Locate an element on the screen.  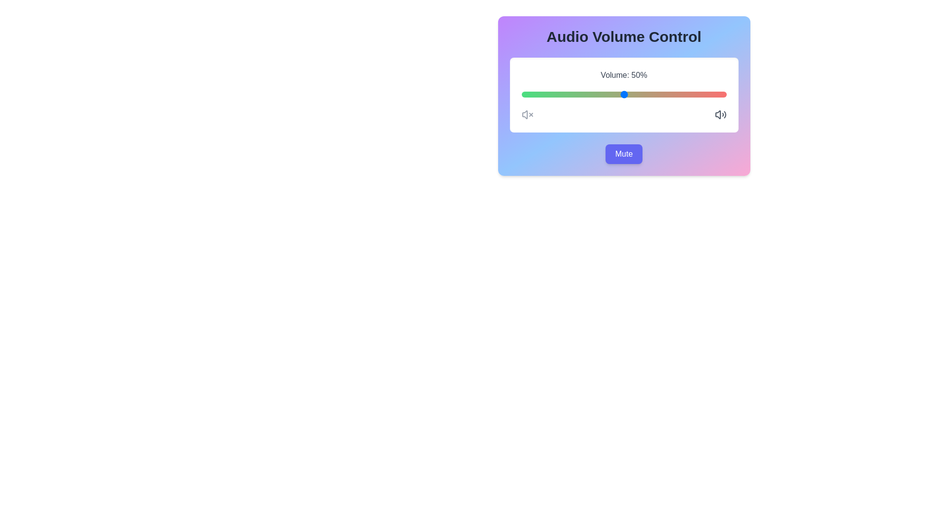
the volume slider to 68% is located at coordinates (661, 95).